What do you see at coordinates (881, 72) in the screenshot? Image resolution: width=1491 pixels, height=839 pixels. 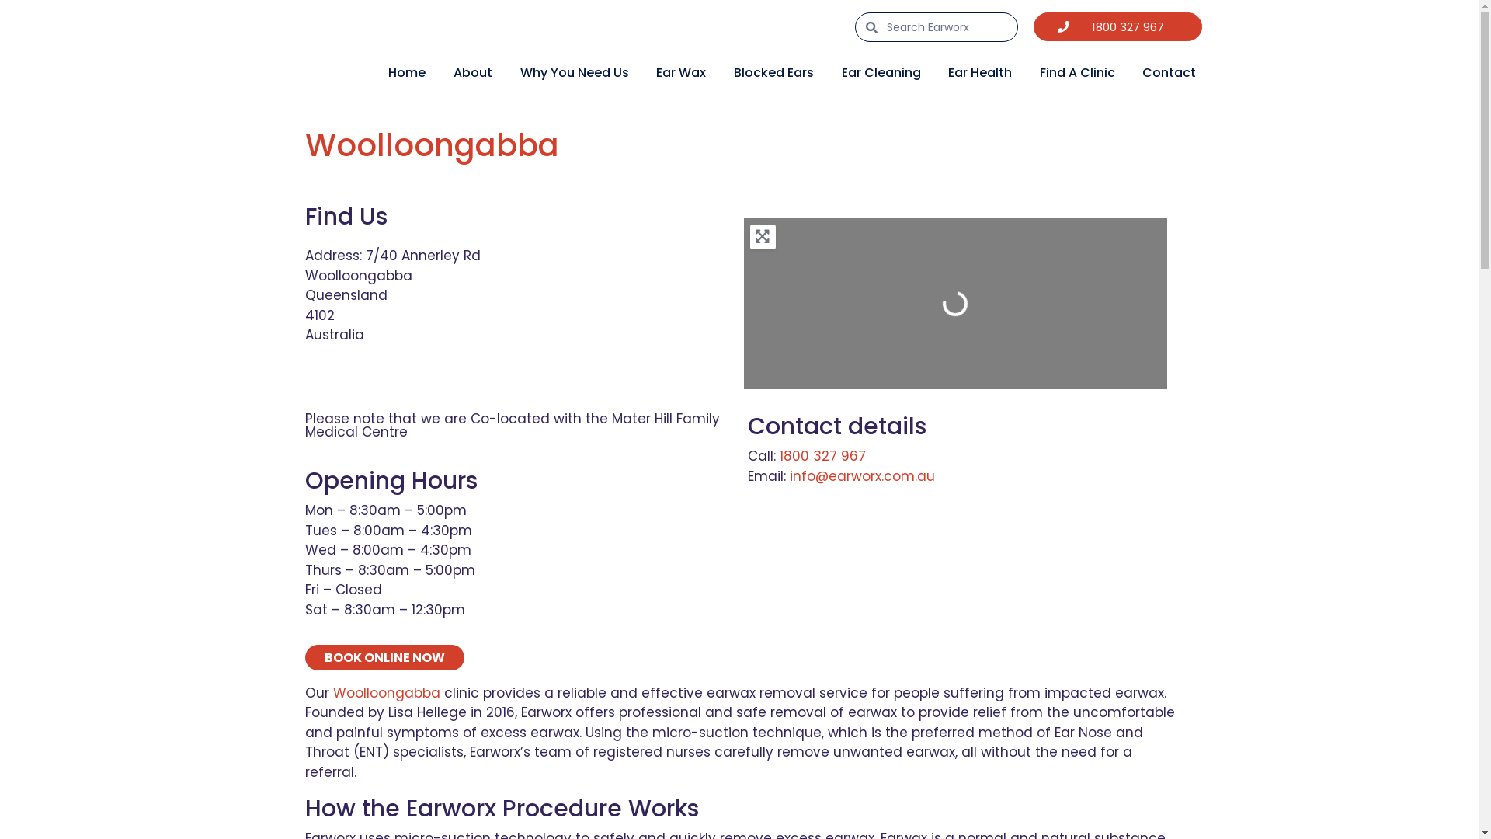 I see `'Ear Cleaning'` at bounding box center [881, 72].